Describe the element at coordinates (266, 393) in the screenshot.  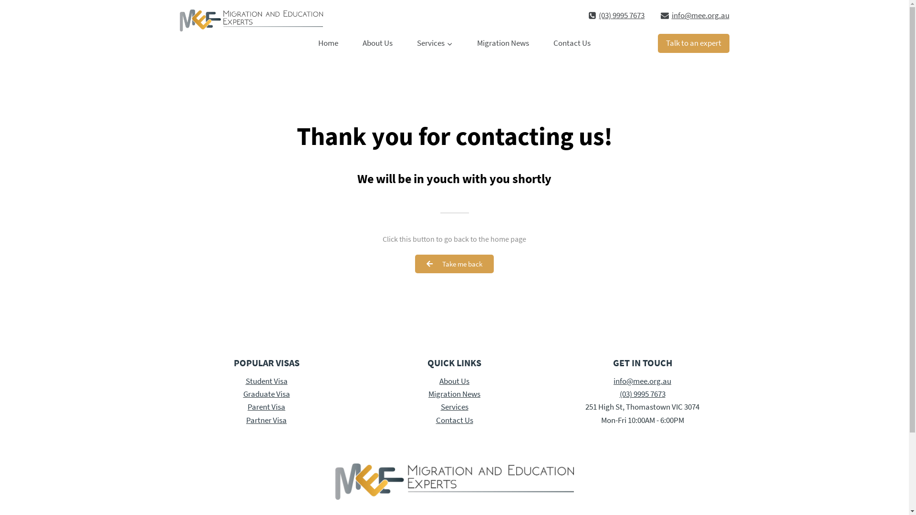
I see `'Graduate Visa'` at that location.